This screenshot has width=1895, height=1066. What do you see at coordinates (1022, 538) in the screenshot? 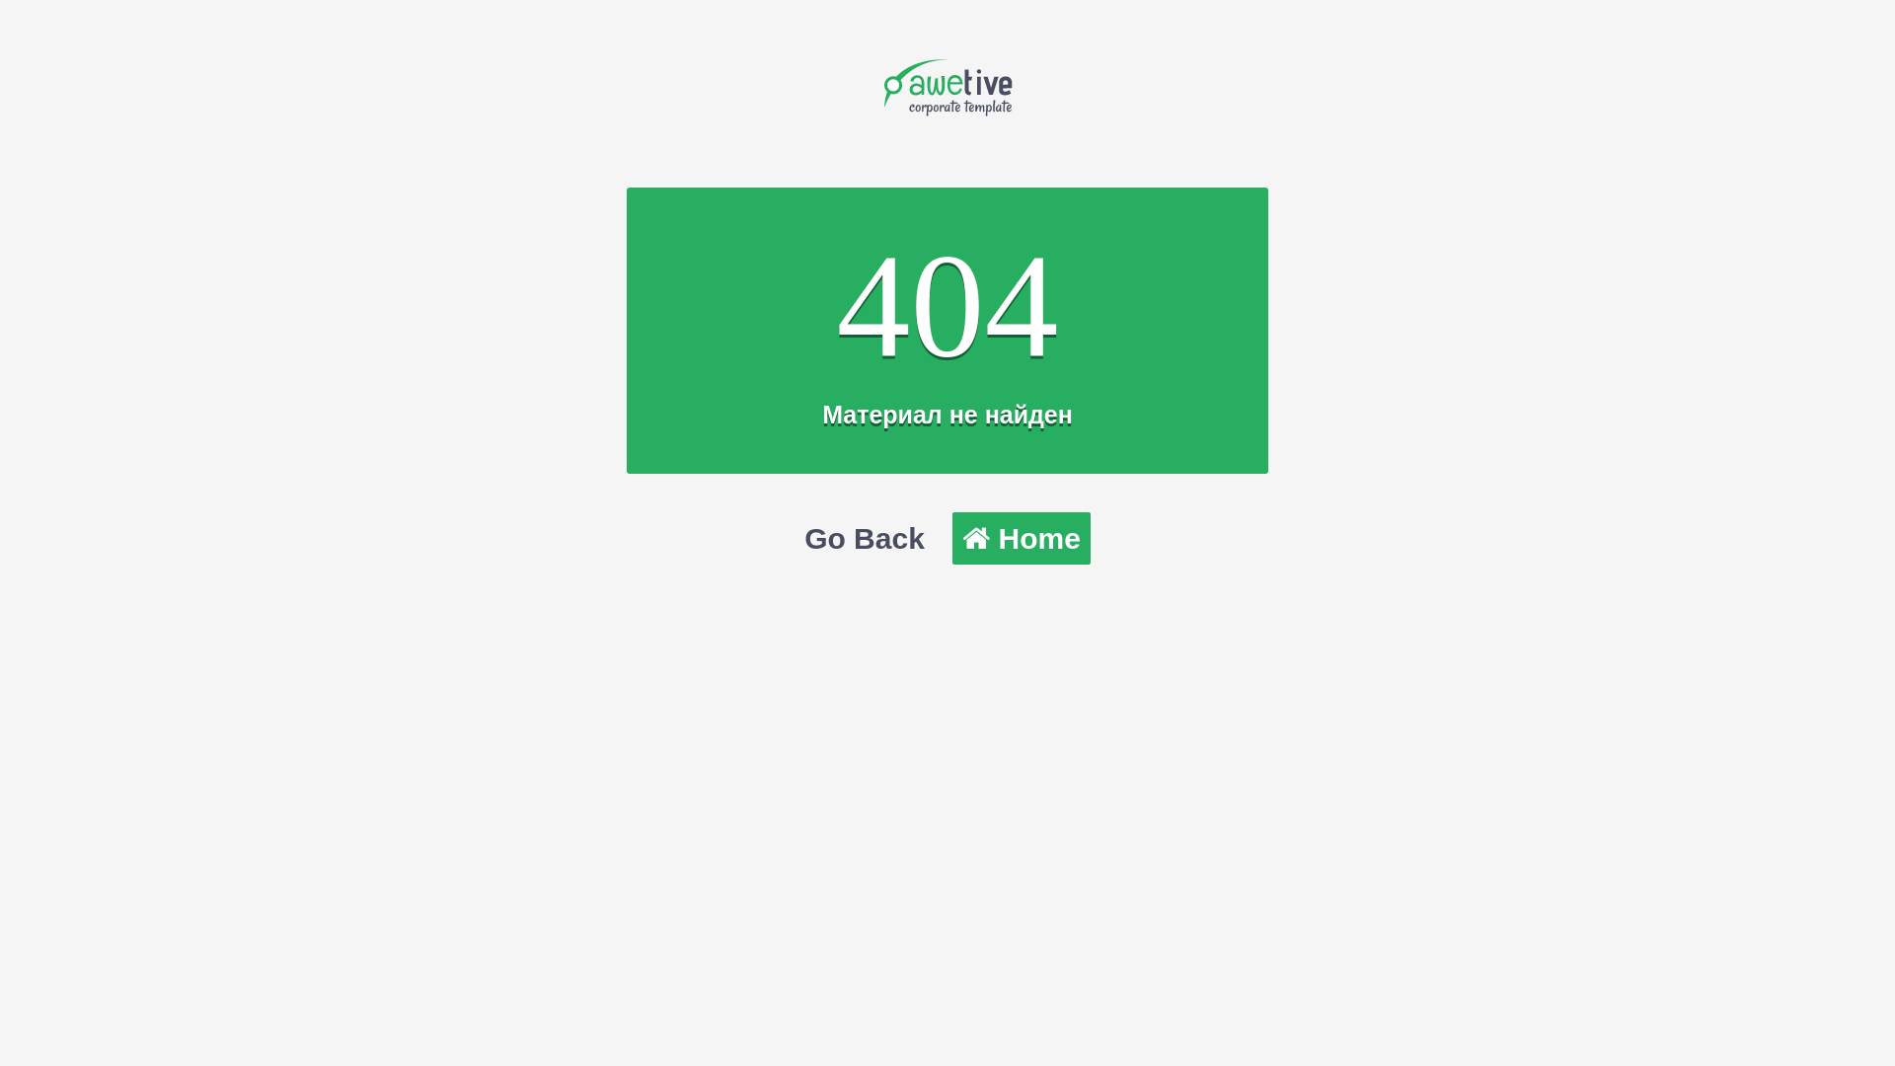
I see `'Home'` at bounding box center [1022, 538].